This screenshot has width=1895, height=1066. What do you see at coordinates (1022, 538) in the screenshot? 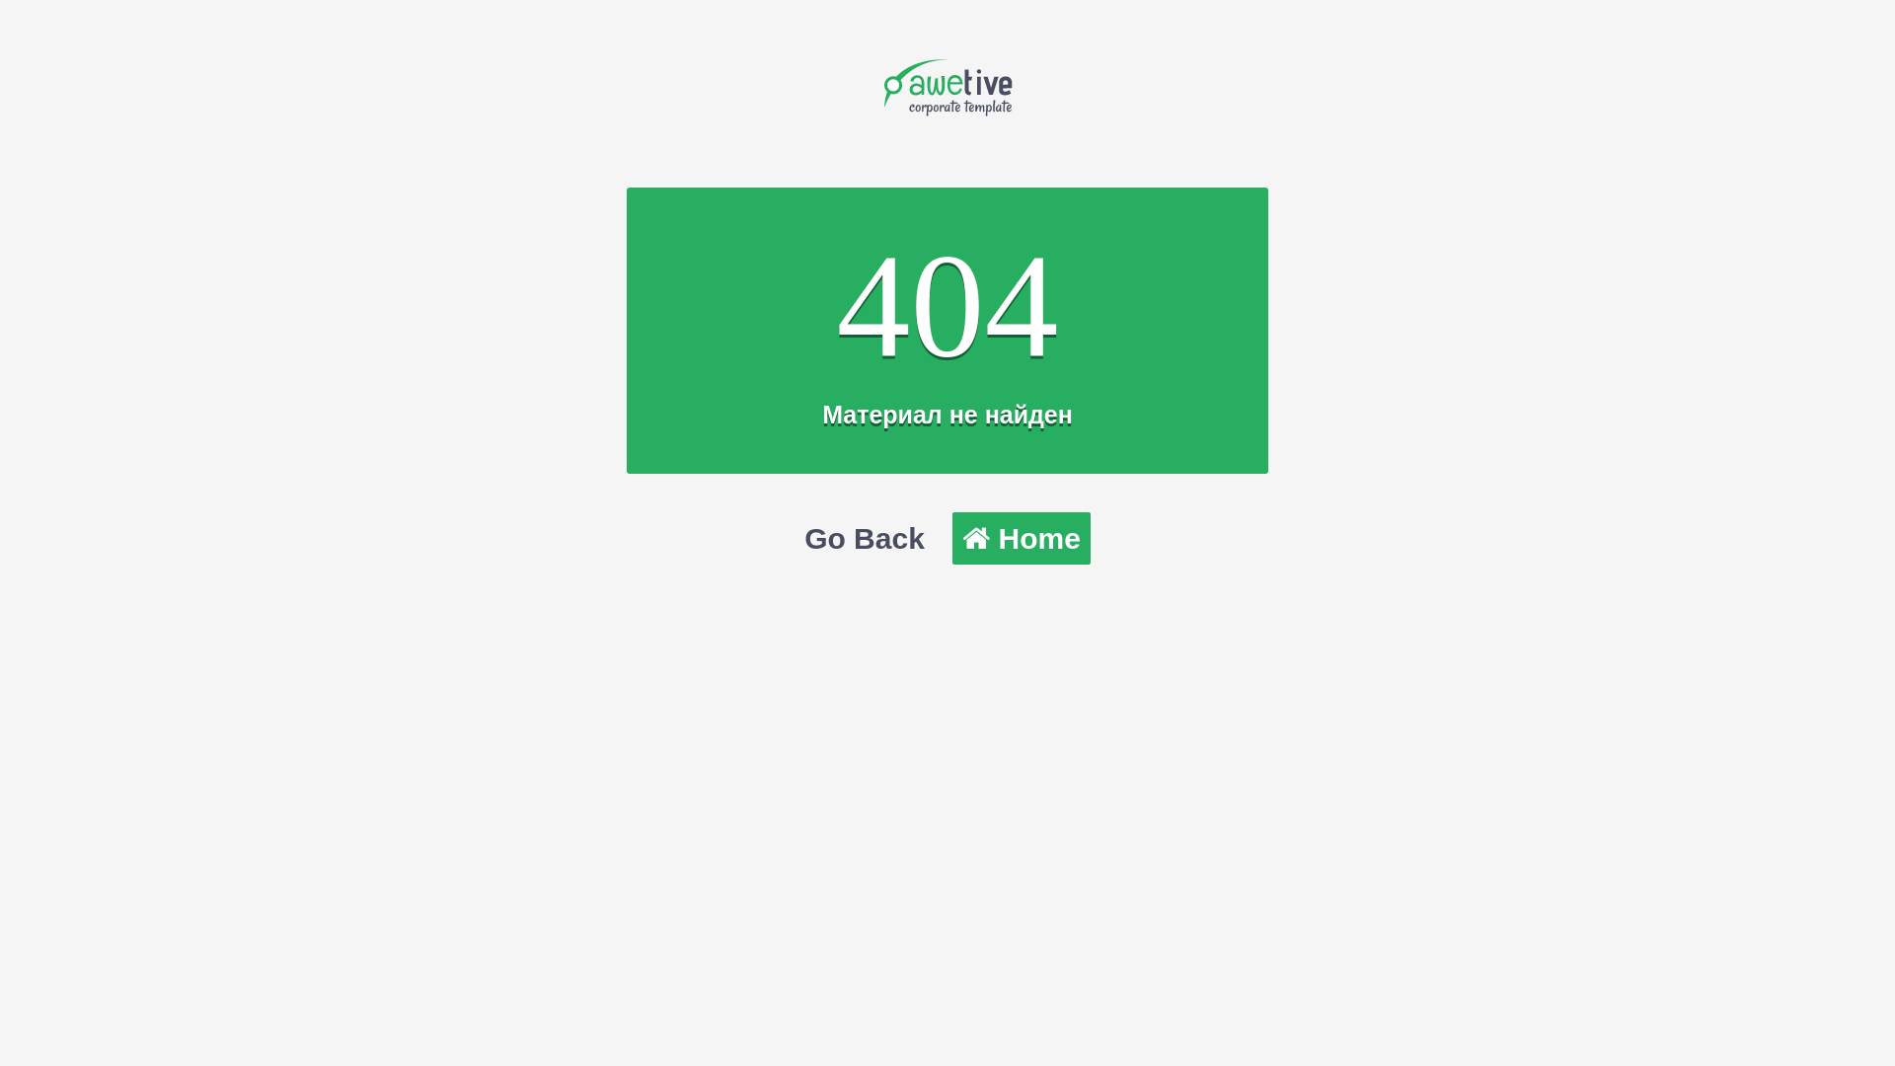
I see `'Home'` at bounding box center [1022, 538].